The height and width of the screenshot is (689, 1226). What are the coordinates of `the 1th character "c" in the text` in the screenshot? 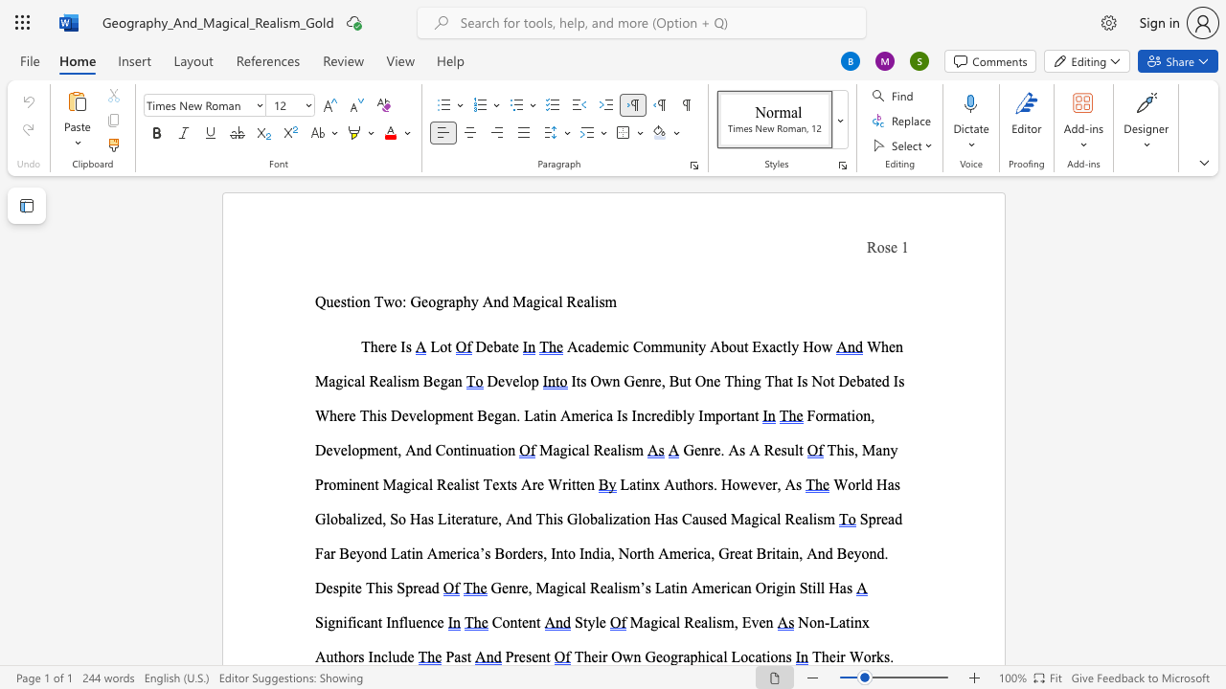 It's located at (712, 656).